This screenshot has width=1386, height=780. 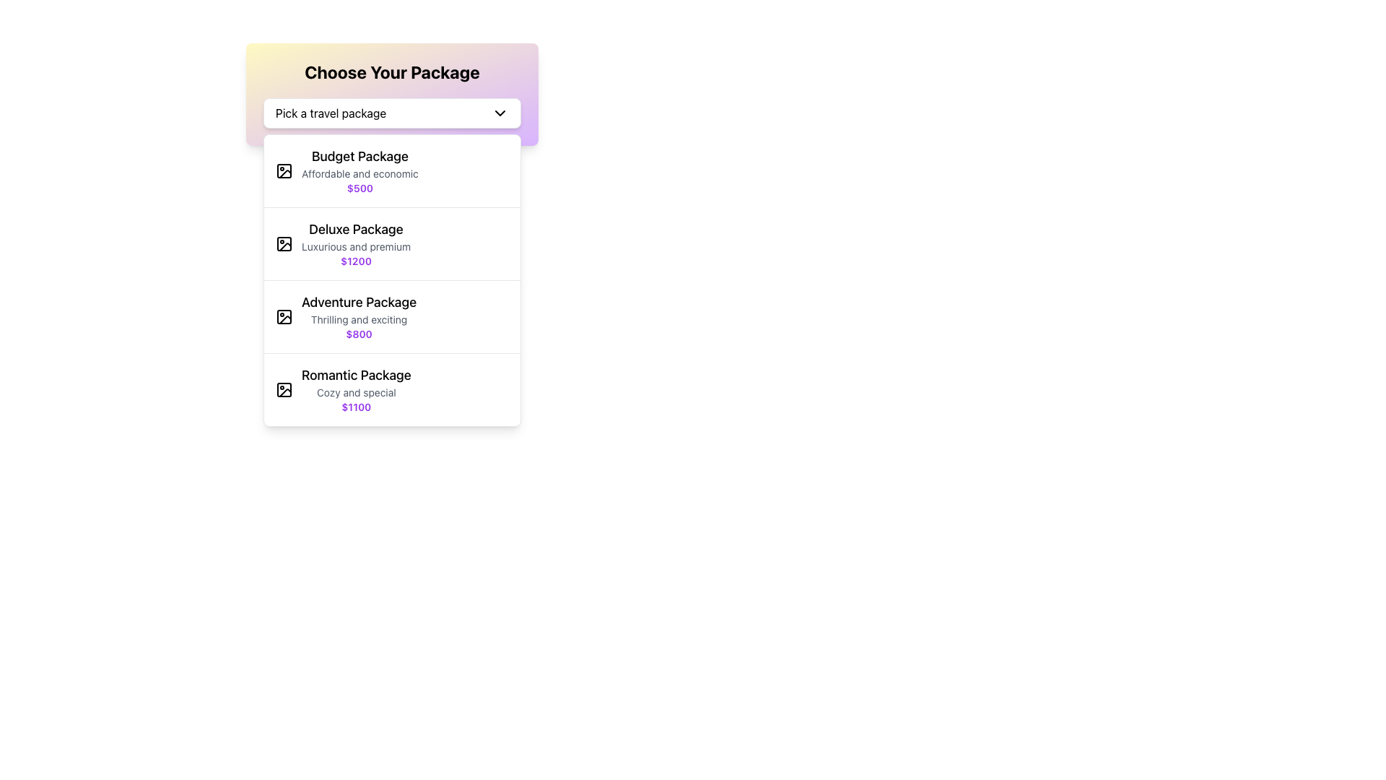 I want to click on informational Label for the 'Budget Package' which describes it as 'Affordable and economic' with a price of '$500', located under the dropdown 'Pick a travel package', so click(x=360, y=170).